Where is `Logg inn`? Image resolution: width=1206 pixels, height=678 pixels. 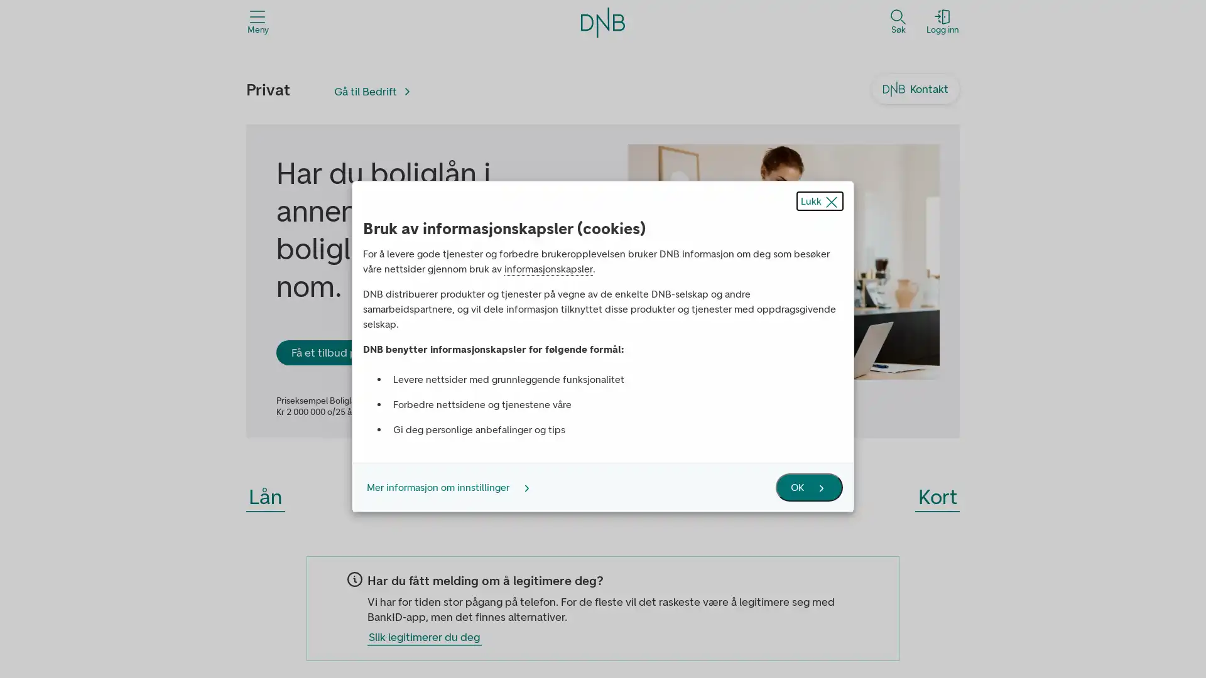 Logg inn is located at coordinates (942, 21).